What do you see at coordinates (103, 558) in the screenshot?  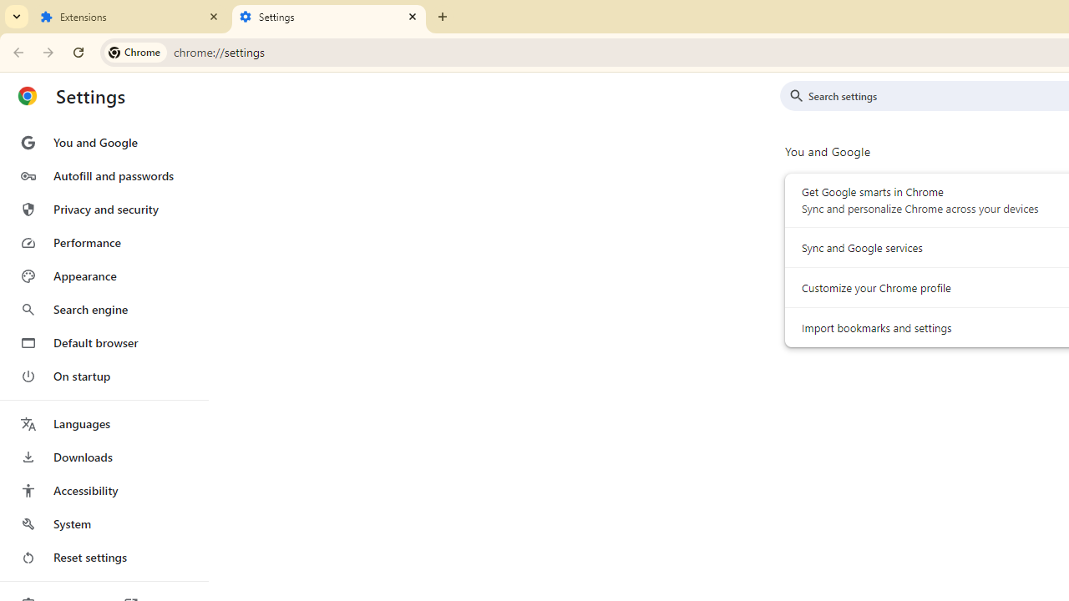 I see `'Reset settings'` at bounding box center [103, 558].